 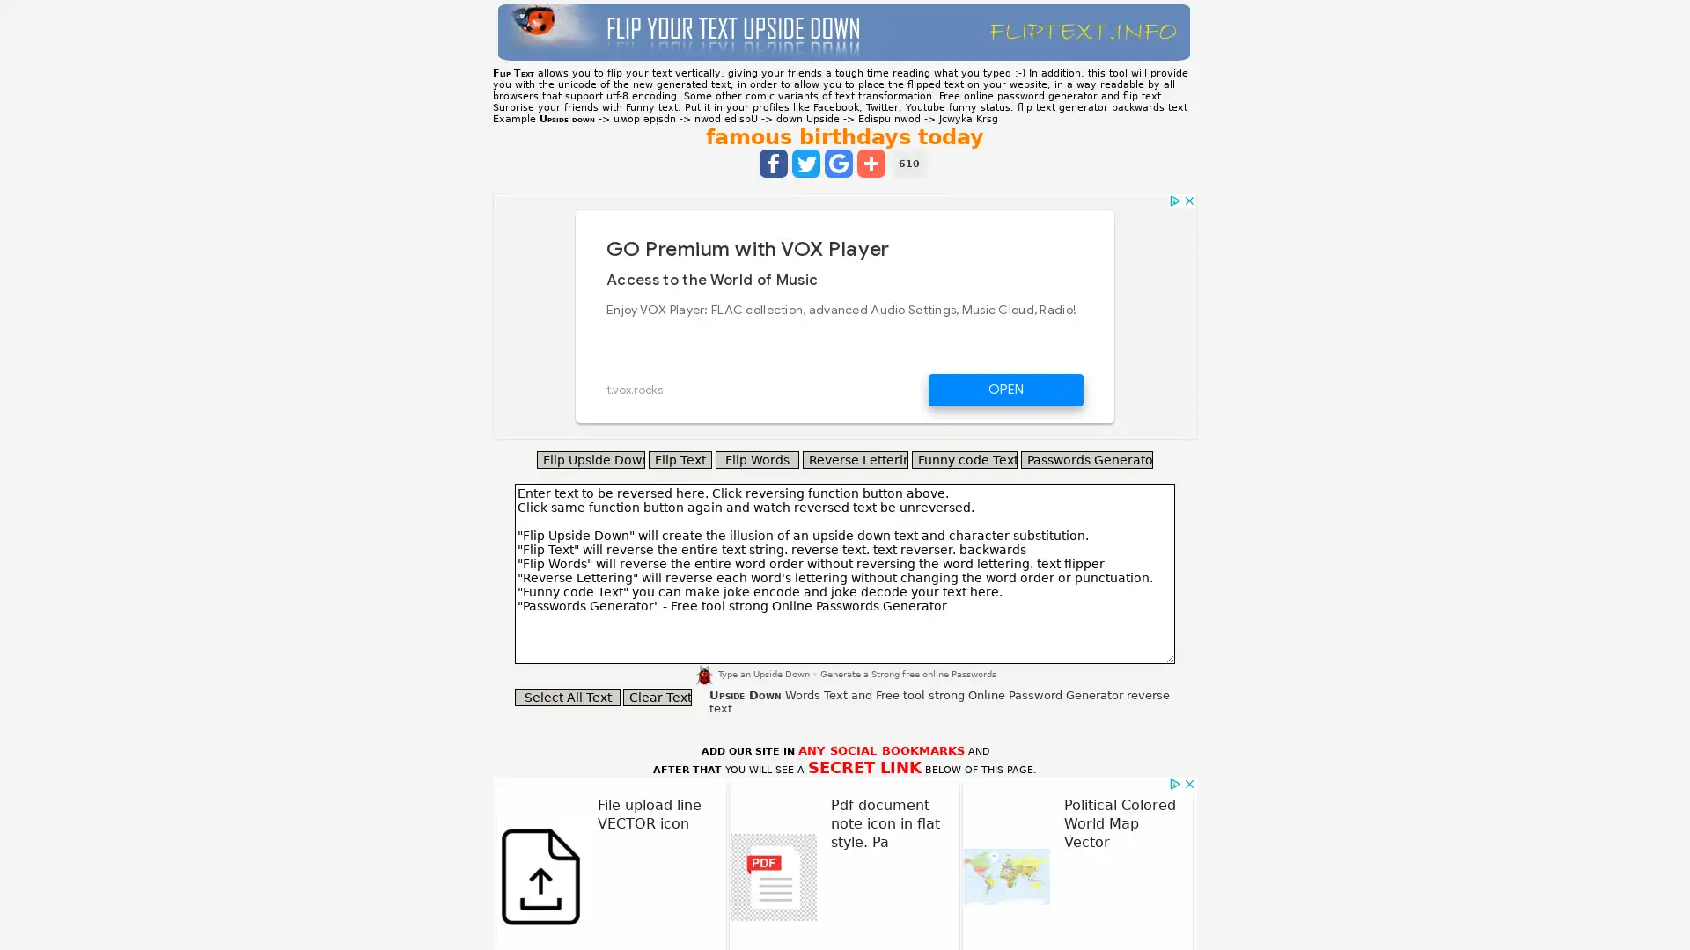 I want to click on Share to Twitter, so click(x=805, y=163).